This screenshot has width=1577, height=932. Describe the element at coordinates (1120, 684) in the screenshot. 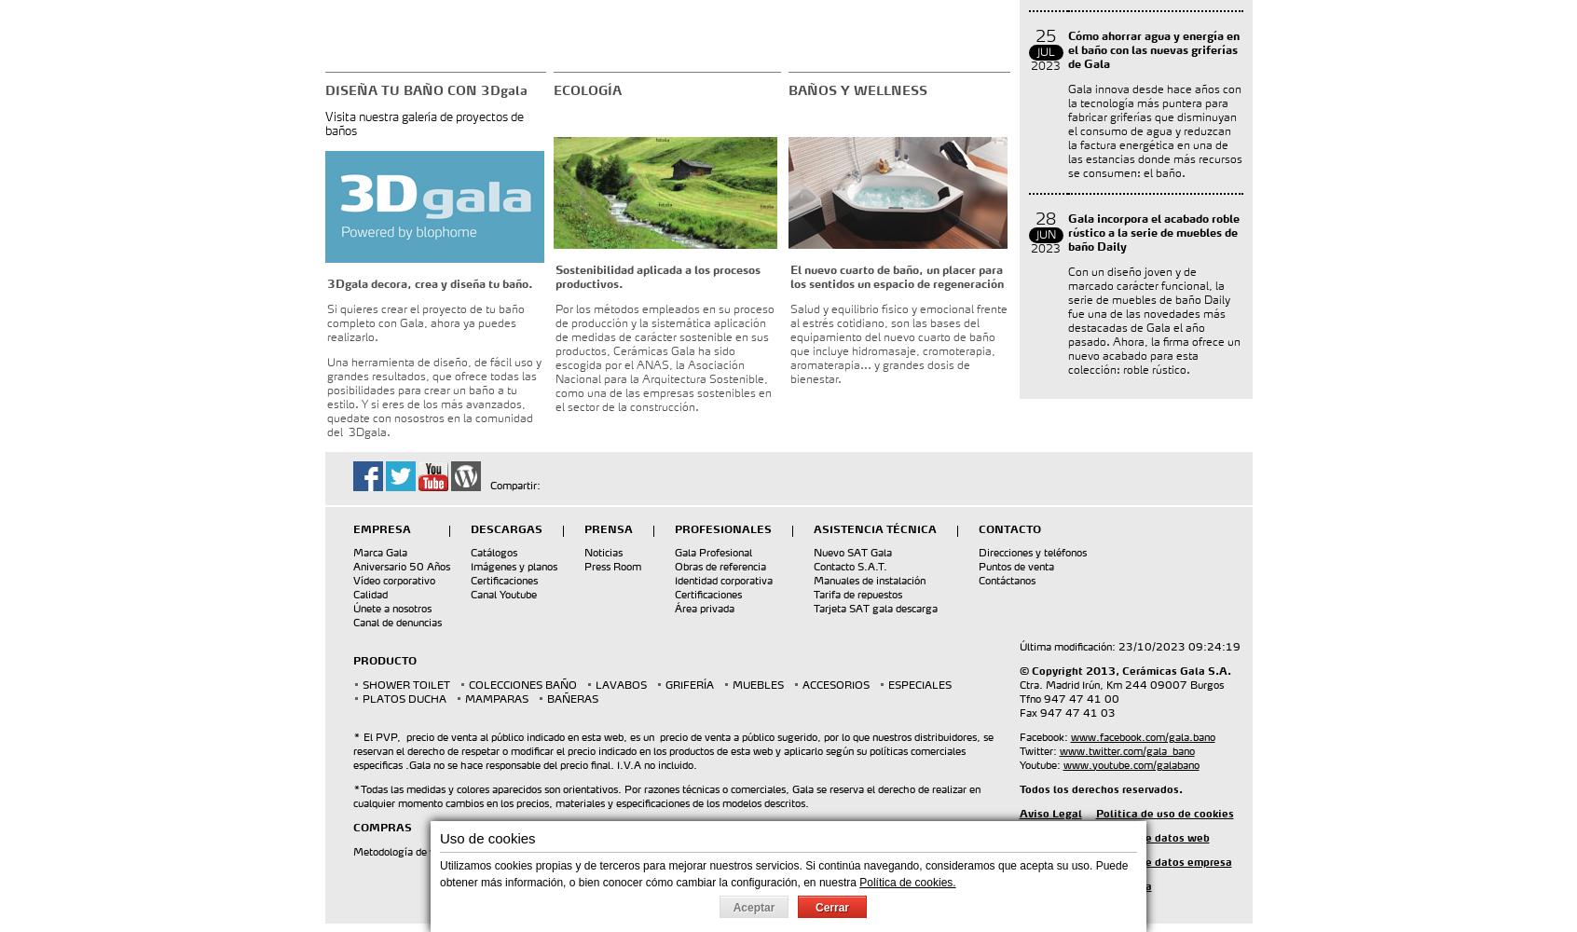

I see `'Ctra. Madrid Irún, Km 244 09007 Burgos'` at that location.